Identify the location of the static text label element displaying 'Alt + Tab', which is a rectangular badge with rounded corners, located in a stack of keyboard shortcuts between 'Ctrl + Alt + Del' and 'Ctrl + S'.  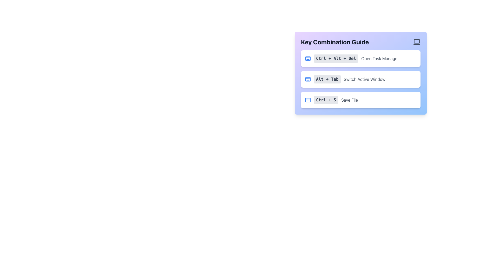
(327, 79).